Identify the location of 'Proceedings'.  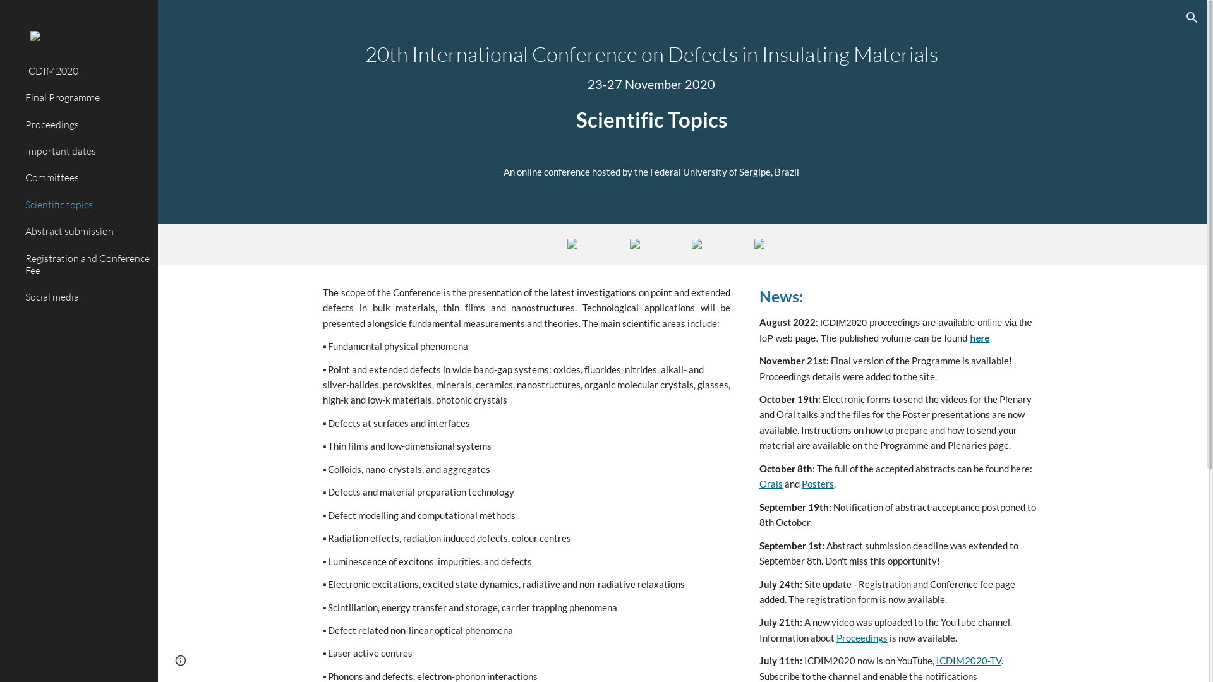
(86, 124).